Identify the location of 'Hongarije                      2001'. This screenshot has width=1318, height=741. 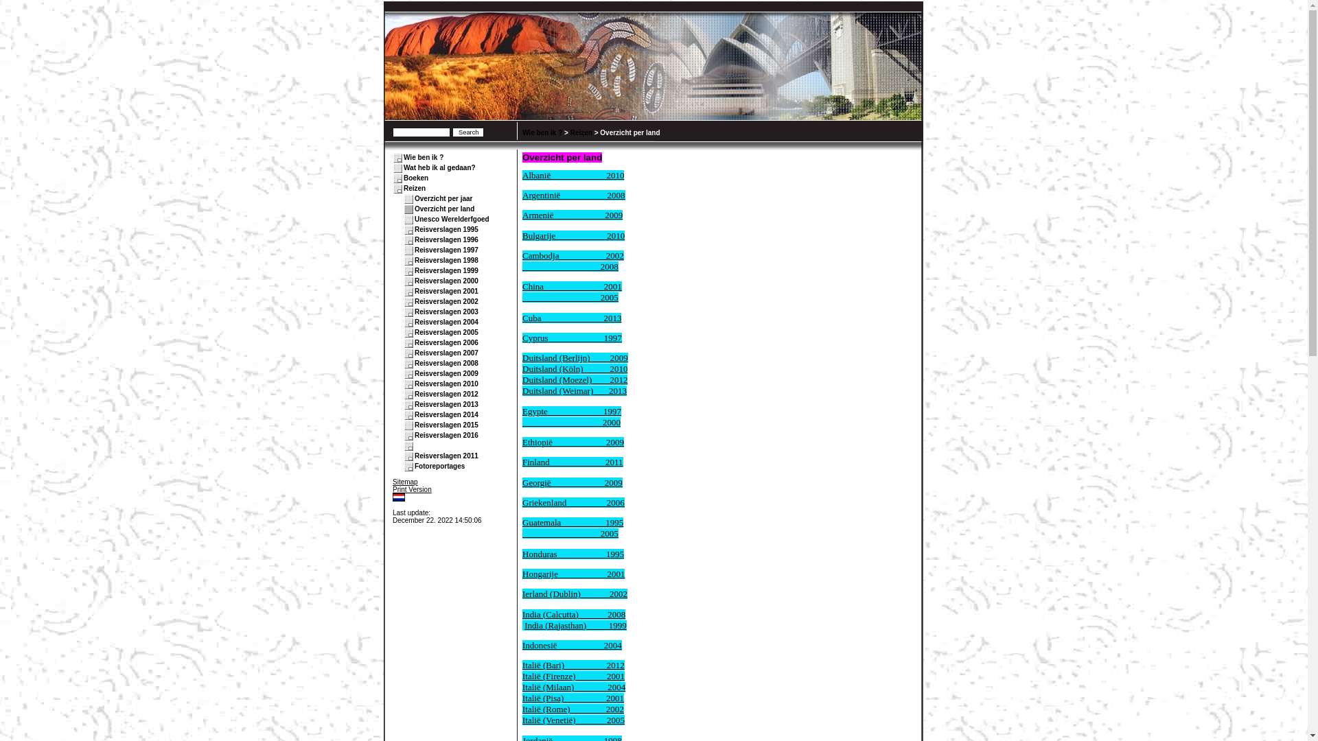
(573, 574).